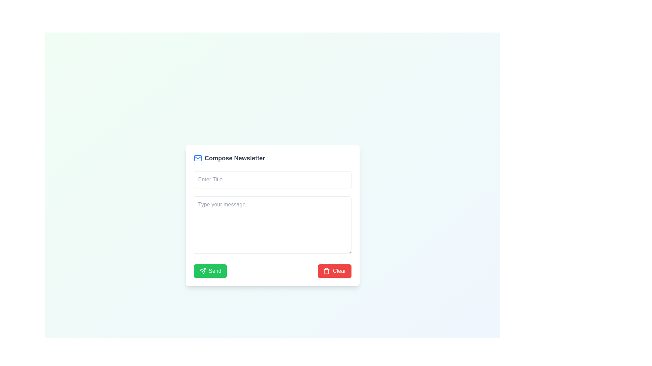 Image resolution: width=652 pixels, height=366 pixels. Describe the element at coordinates (203, 269) in the screenshot. I see `the 'Send' button which is represented by a graphical icon indicating a sending action, located in the center-right section of a green circular button within the 'Compose Newsletter' form area` at that location.